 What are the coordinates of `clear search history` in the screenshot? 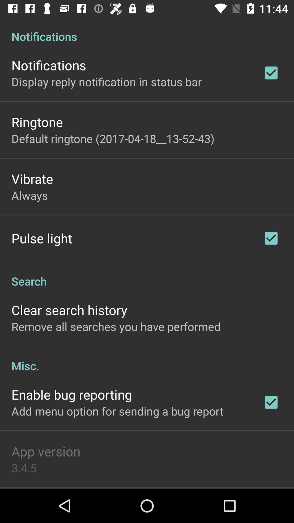 It's located at (69, 310).